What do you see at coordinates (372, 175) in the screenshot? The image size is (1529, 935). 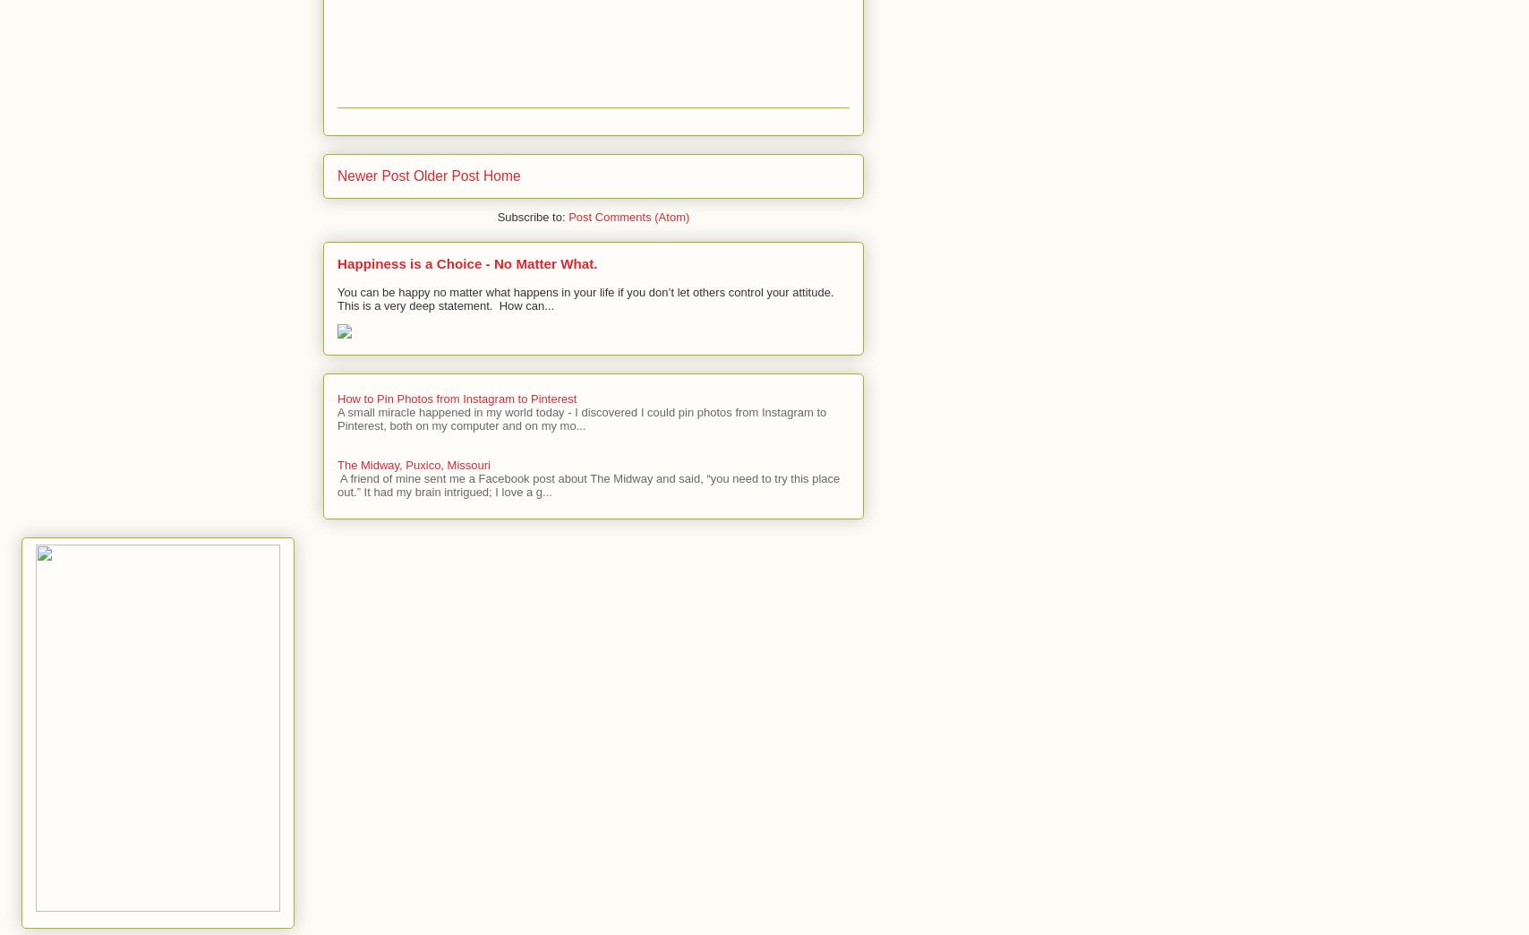 I see `'Newer Post'` at bounding box center [372, 175].